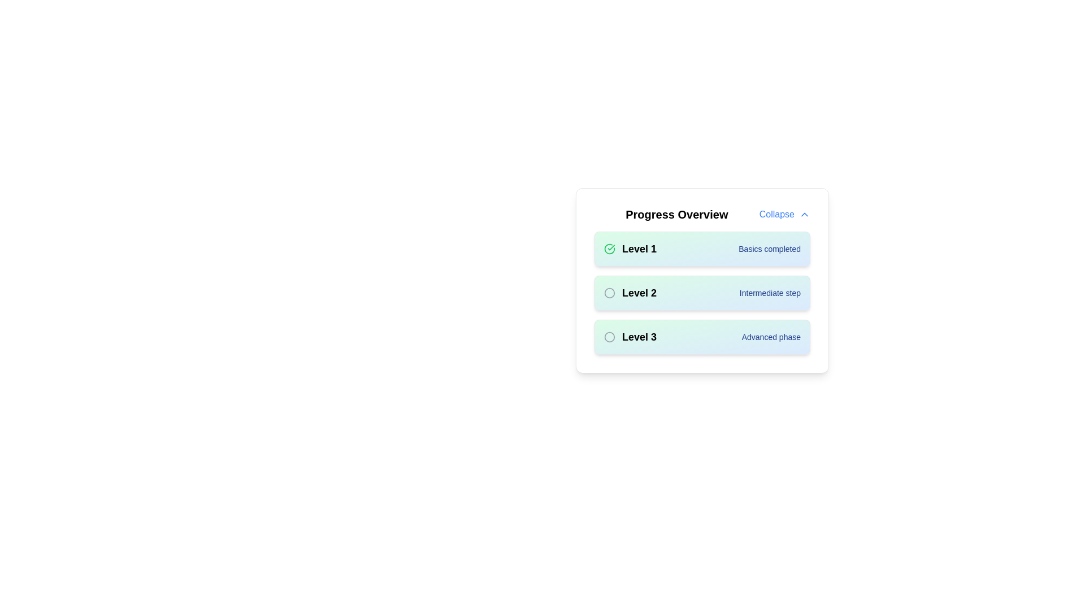  I want to click on the completion status icon for 'Level 1' located in the 'Progress Overview' section, so click(609, 248).